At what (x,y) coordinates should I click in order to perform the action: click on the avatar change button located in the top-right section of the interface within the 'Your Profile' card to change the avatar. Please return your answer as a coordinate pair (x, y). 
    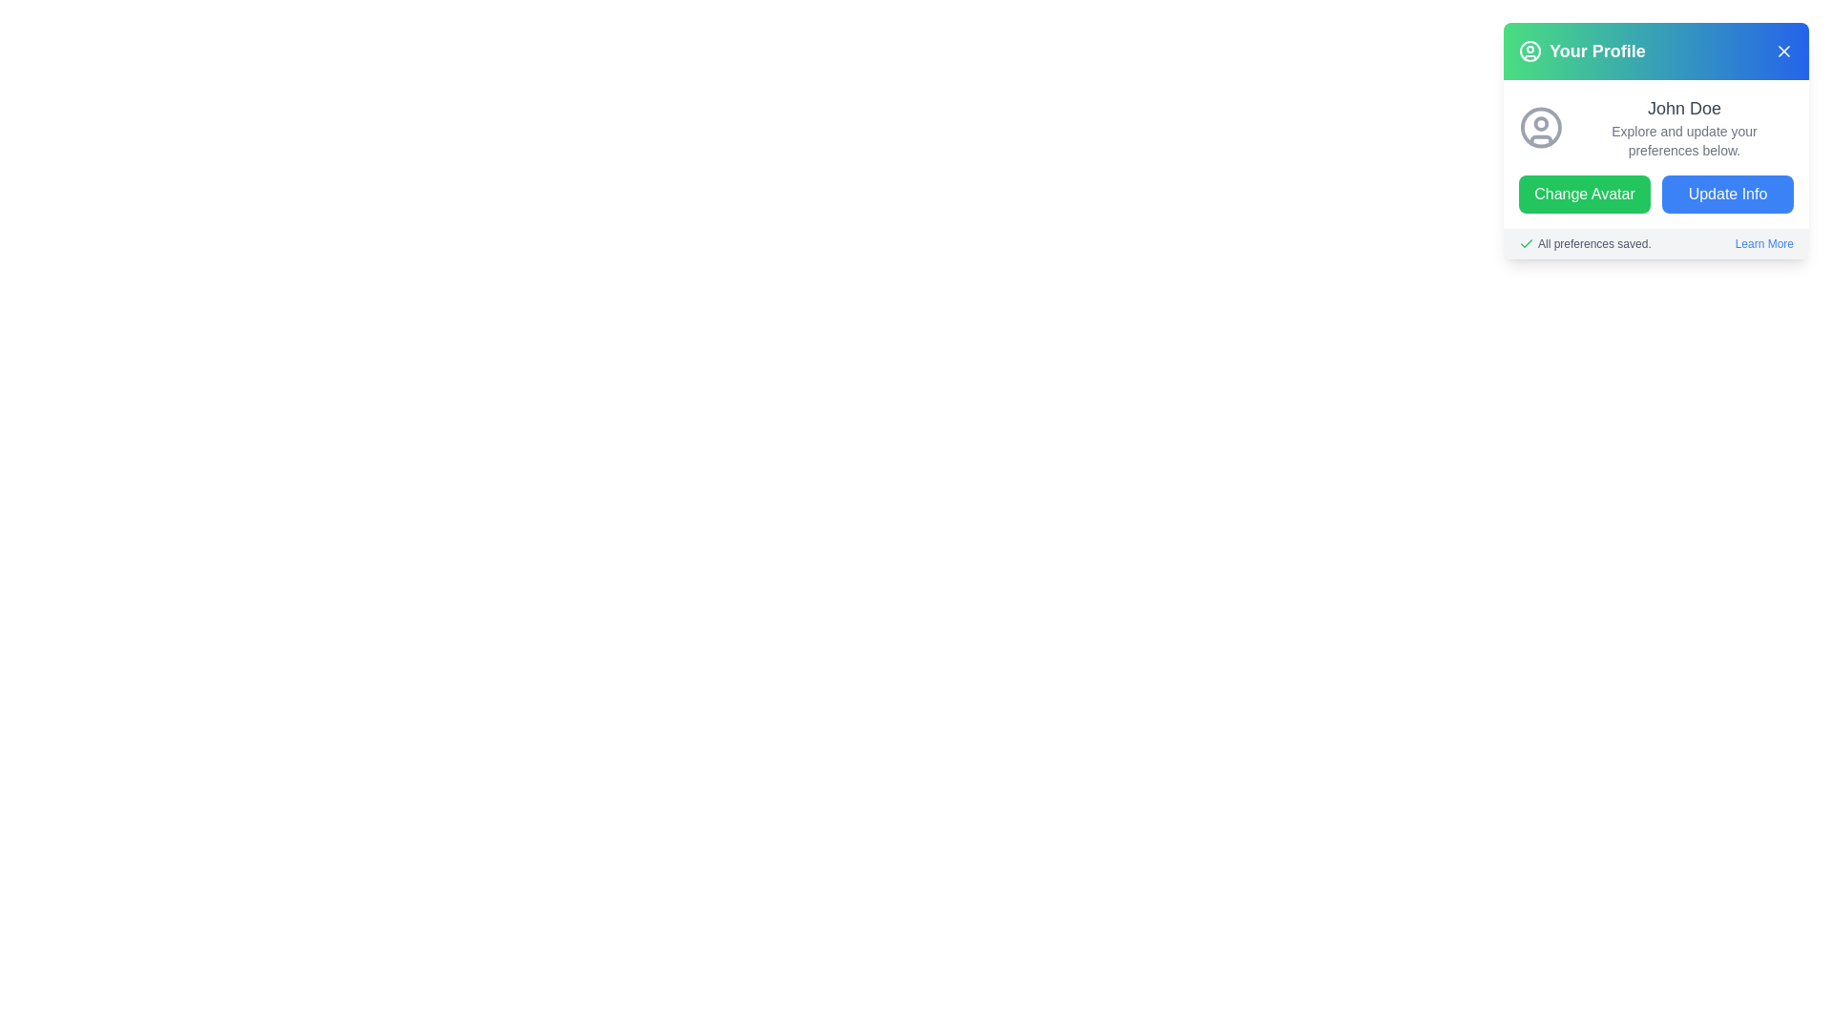
    Looking at the image, I should click on (1584, 195).